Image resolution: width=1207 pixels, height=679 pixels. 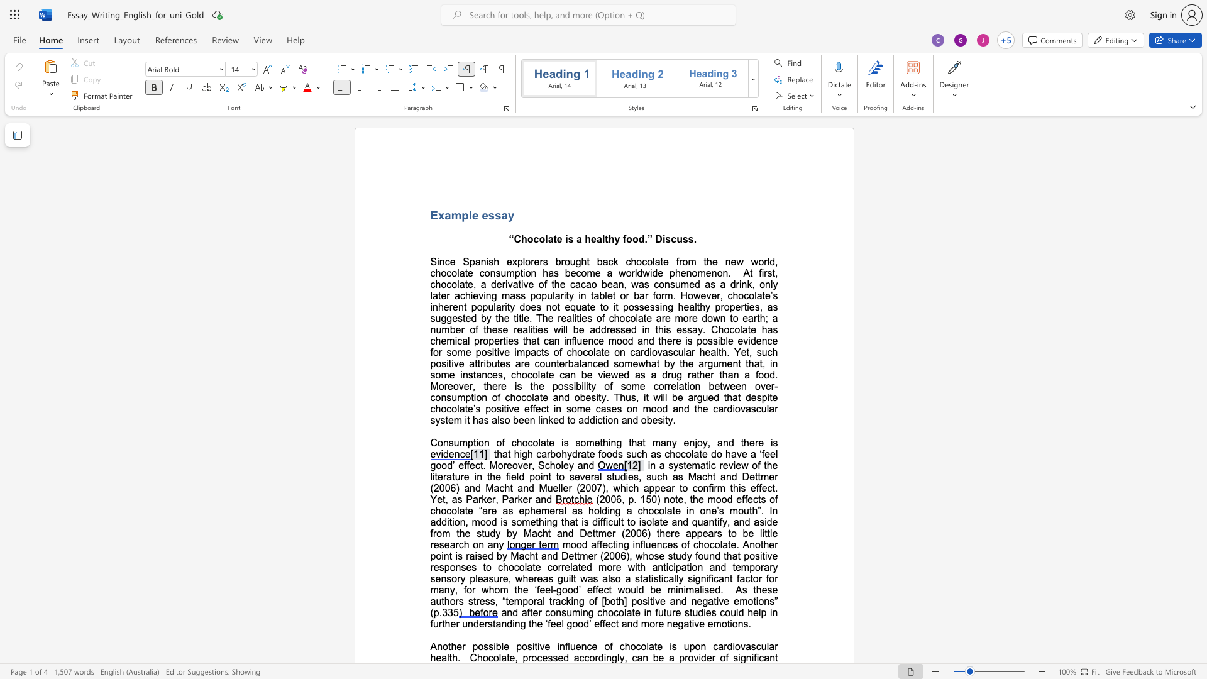 I want to click on the space between the continuous character "u" and "s" in the text, so click(x=681, y=239).